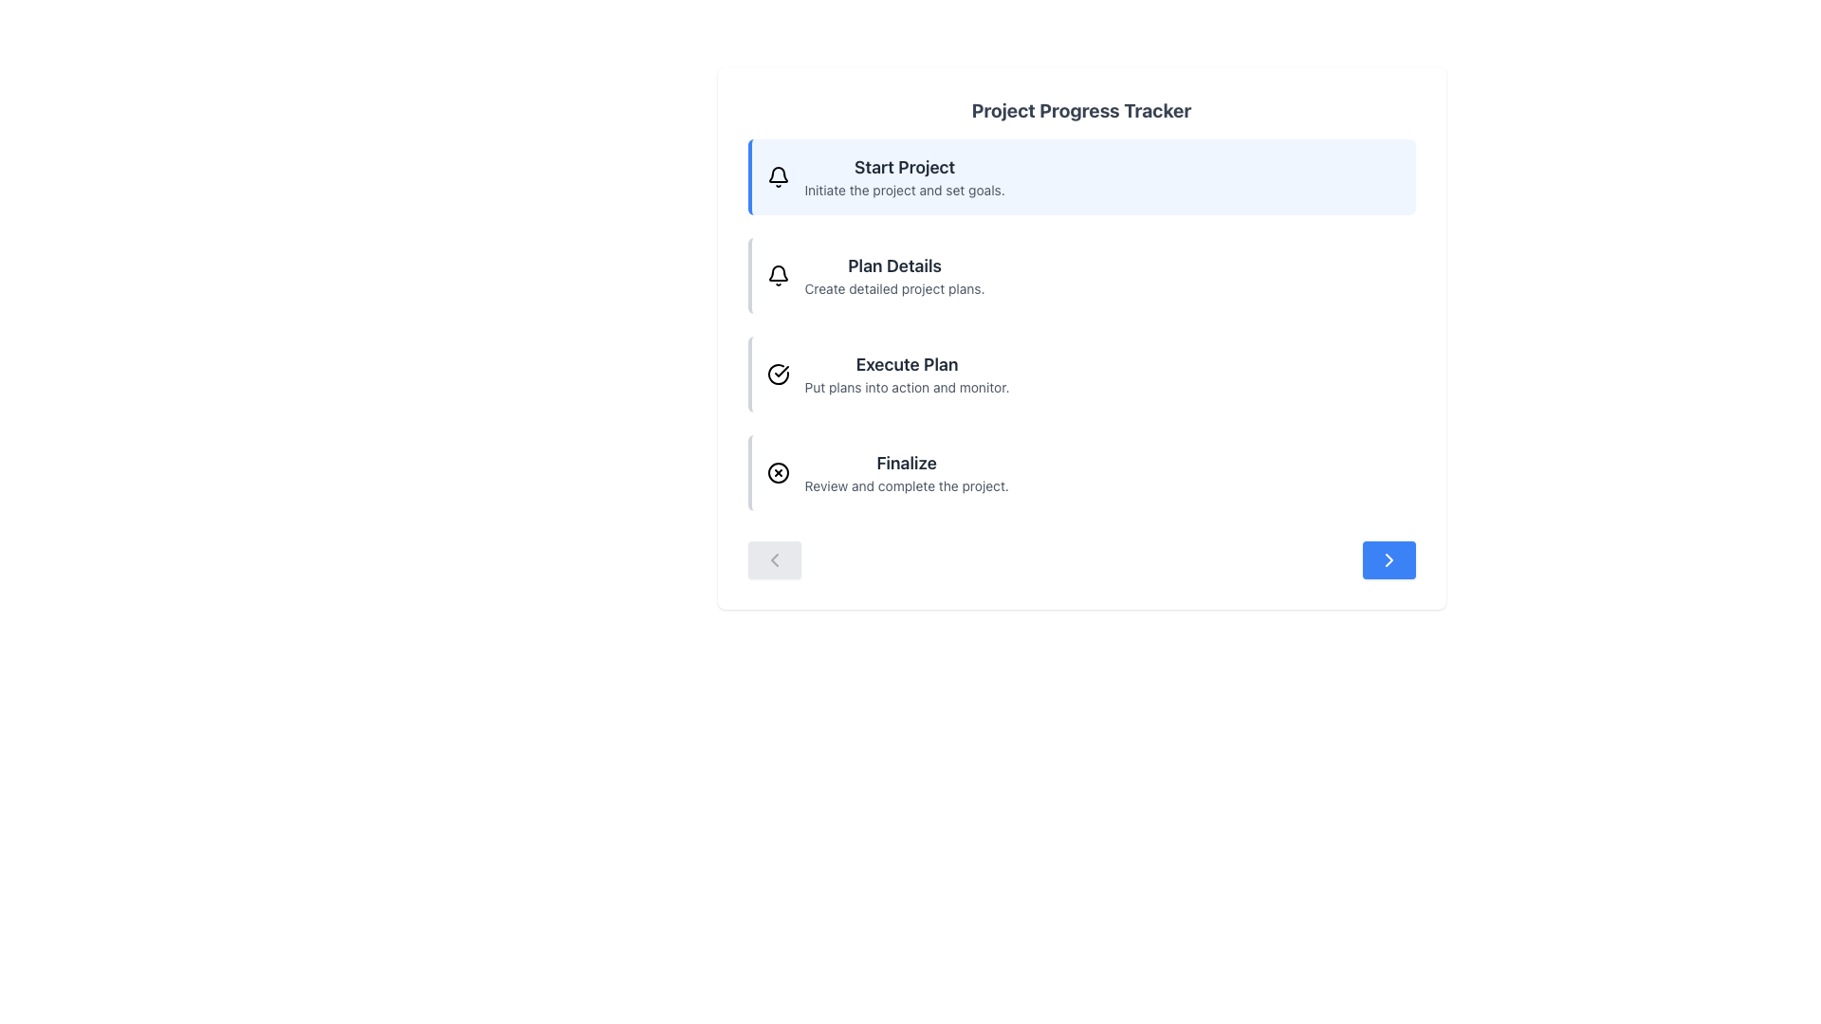 The height and width of the screenshot is (1024, 1821). I want to click on the decorative icon representing the 'Execute Plan' step in the project progress tracker, located in the third row of the task list, so click(778, 374).